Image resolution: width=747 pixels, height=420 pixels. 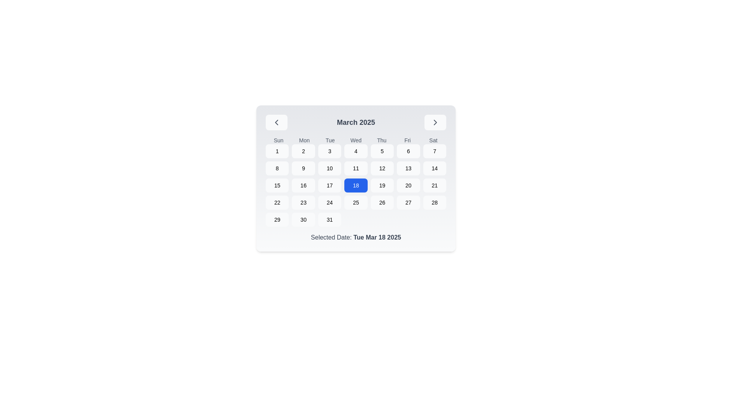 I want to click on the static text label displaying 'Sun', which is the first element in the calendar header showing the days of the week, so click(x=279, y=140).